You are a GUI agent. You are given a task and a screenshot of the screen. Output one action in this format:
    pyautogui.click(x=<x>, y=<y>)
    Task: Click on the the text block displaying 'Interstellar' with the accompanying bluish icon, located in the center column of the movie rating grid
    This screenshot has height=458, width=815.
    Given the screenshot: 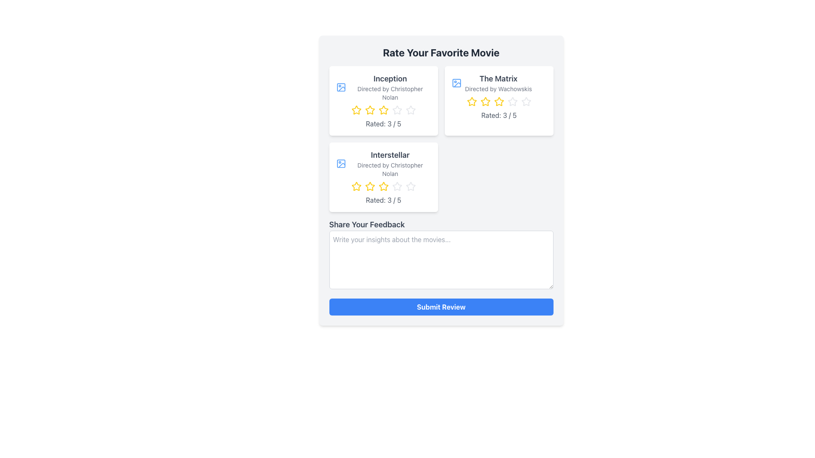 What is the action you would take?
    pyautogui.click(x=383, y=163)
    